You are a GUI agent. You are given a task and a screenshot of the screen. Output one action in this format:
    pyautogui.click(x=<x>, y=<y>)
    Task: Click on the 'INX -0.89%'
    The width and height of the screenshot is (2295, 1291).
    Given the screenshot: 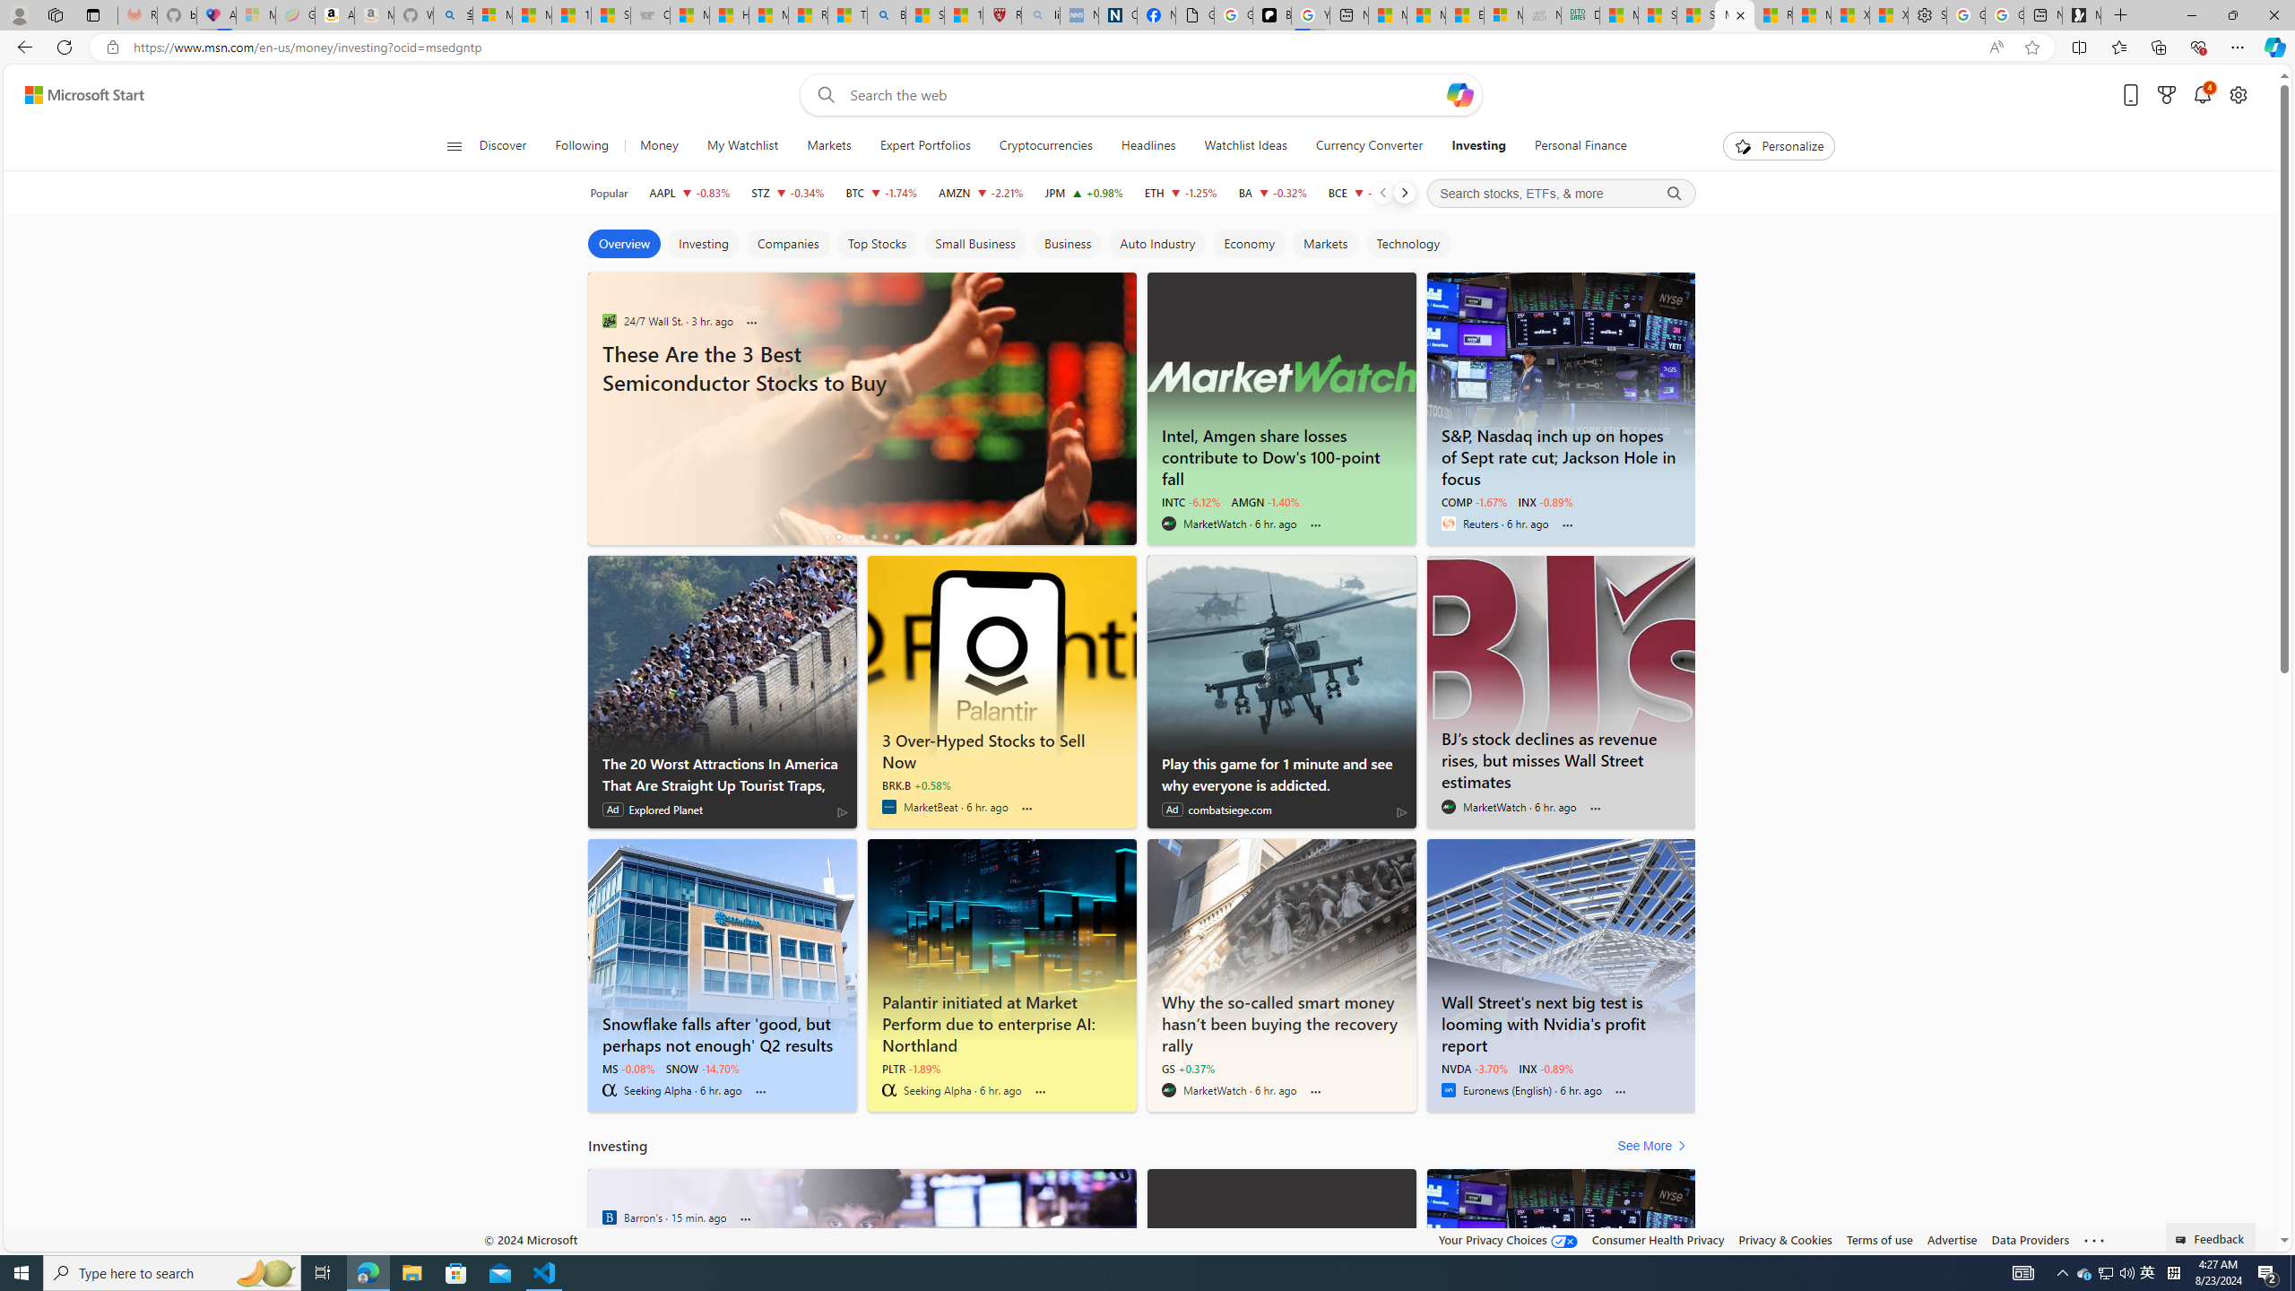 What is the action you would take?
    pyautogui.click(x=1546, y=1068)
    